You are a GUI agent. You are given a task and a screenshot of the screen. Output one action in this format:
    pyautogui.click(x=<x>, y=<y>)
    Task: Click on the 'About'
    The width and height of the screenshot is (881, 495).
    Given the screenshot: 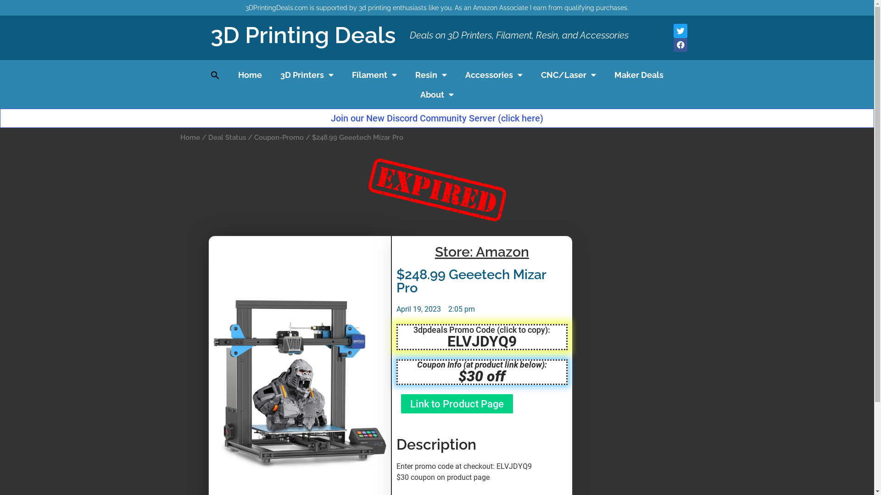 What is the action you would take?
    pyautogui.click(x=436, y=95)
    